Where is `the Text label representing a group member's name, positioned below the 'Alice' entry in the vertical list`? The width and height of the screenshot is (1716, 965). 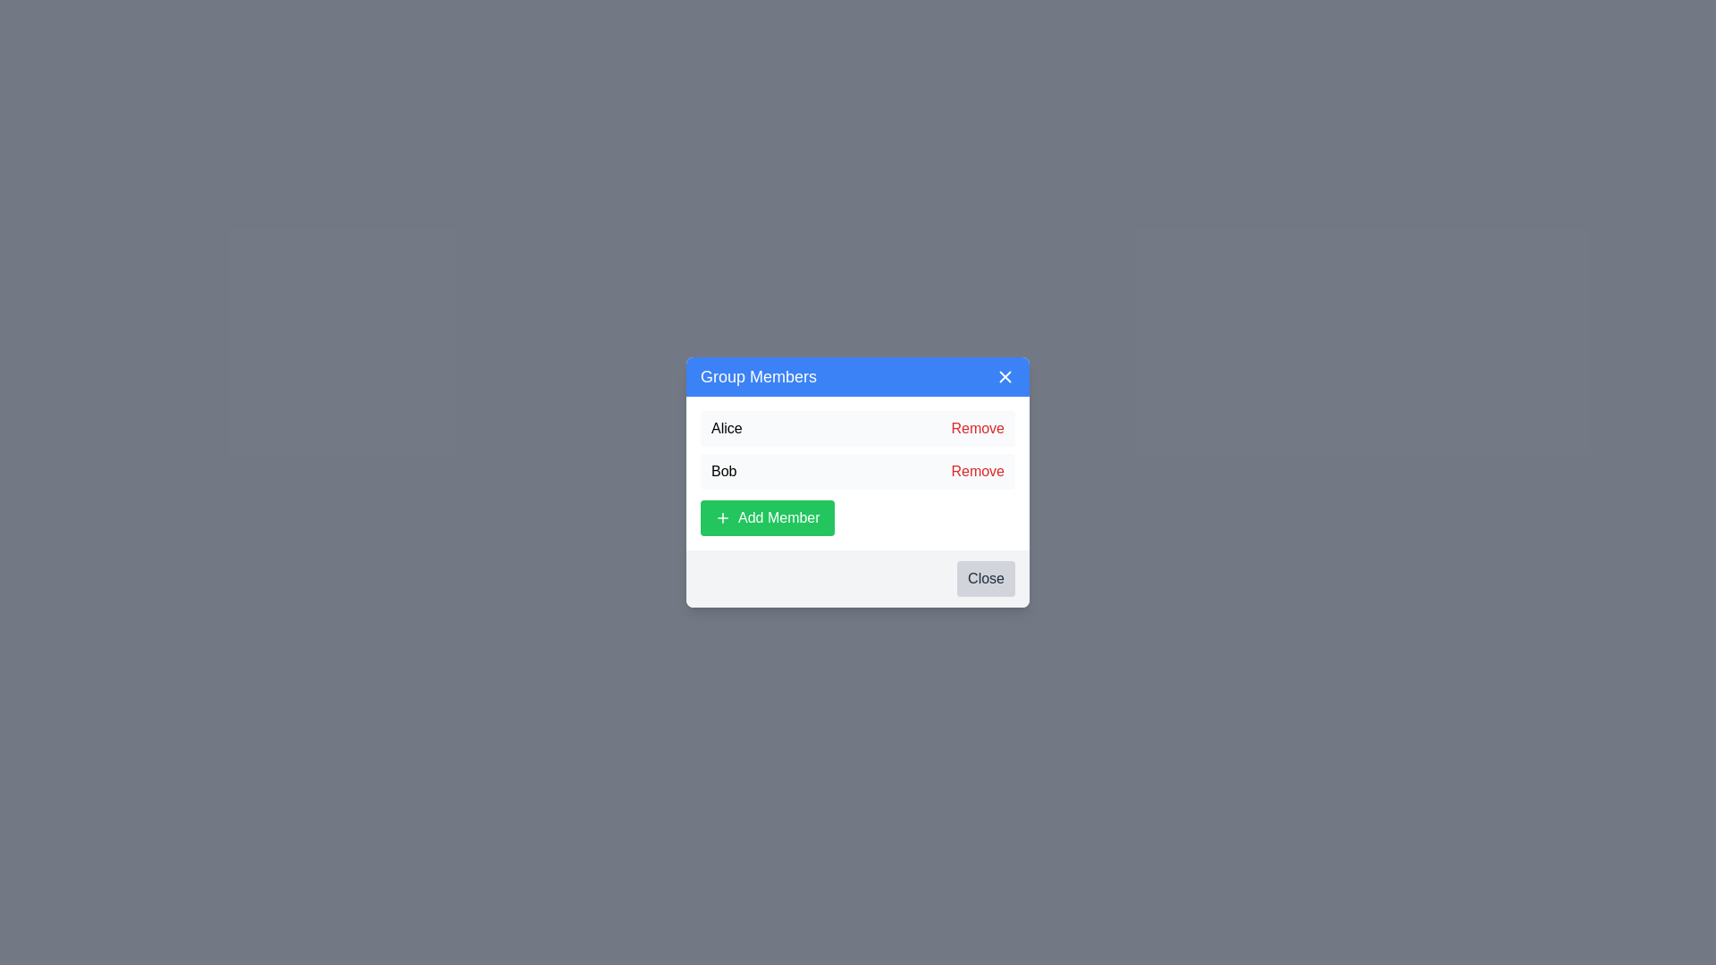
the Text label representing a group member's name, positioned below the 'Alice' entry in the vertical list is located at coordinates (724, 471).